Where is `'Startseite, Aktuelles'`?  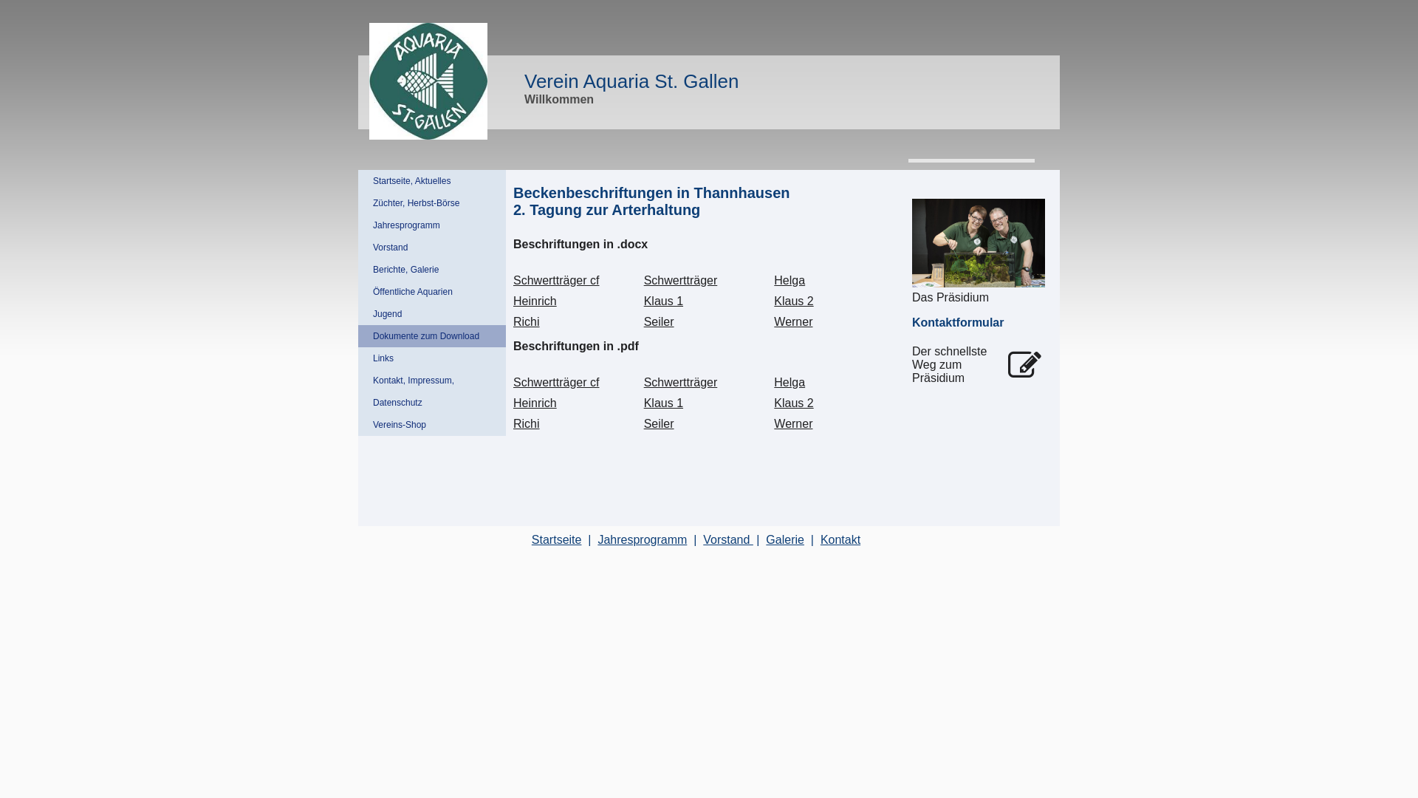 'Startseite, Aktuelles' is located at coordinates (431, 180).